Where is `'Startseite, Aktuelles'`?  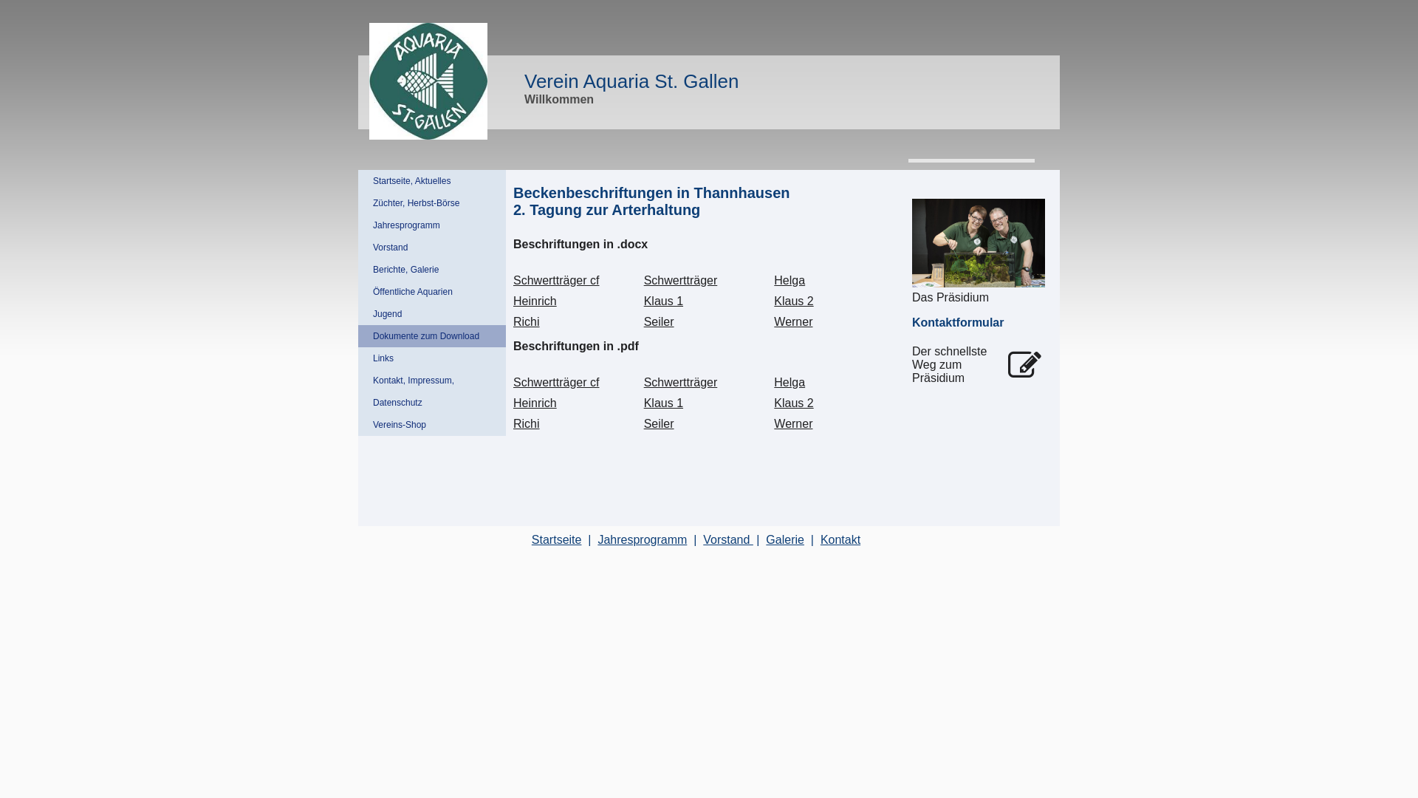 'Startseite, Aktuelles' is located at coordinates (431, 180).